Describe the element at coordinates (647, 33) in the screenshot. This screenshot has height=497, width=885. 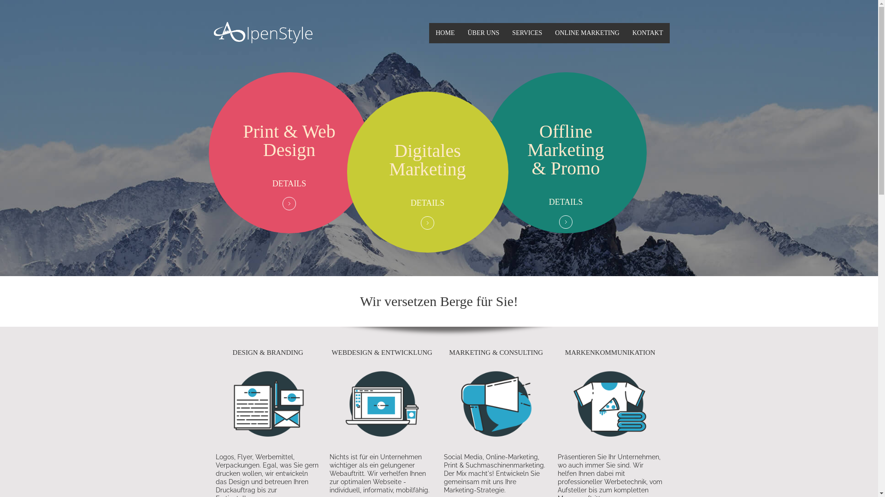
I see `'KONTAKT'` at that location.